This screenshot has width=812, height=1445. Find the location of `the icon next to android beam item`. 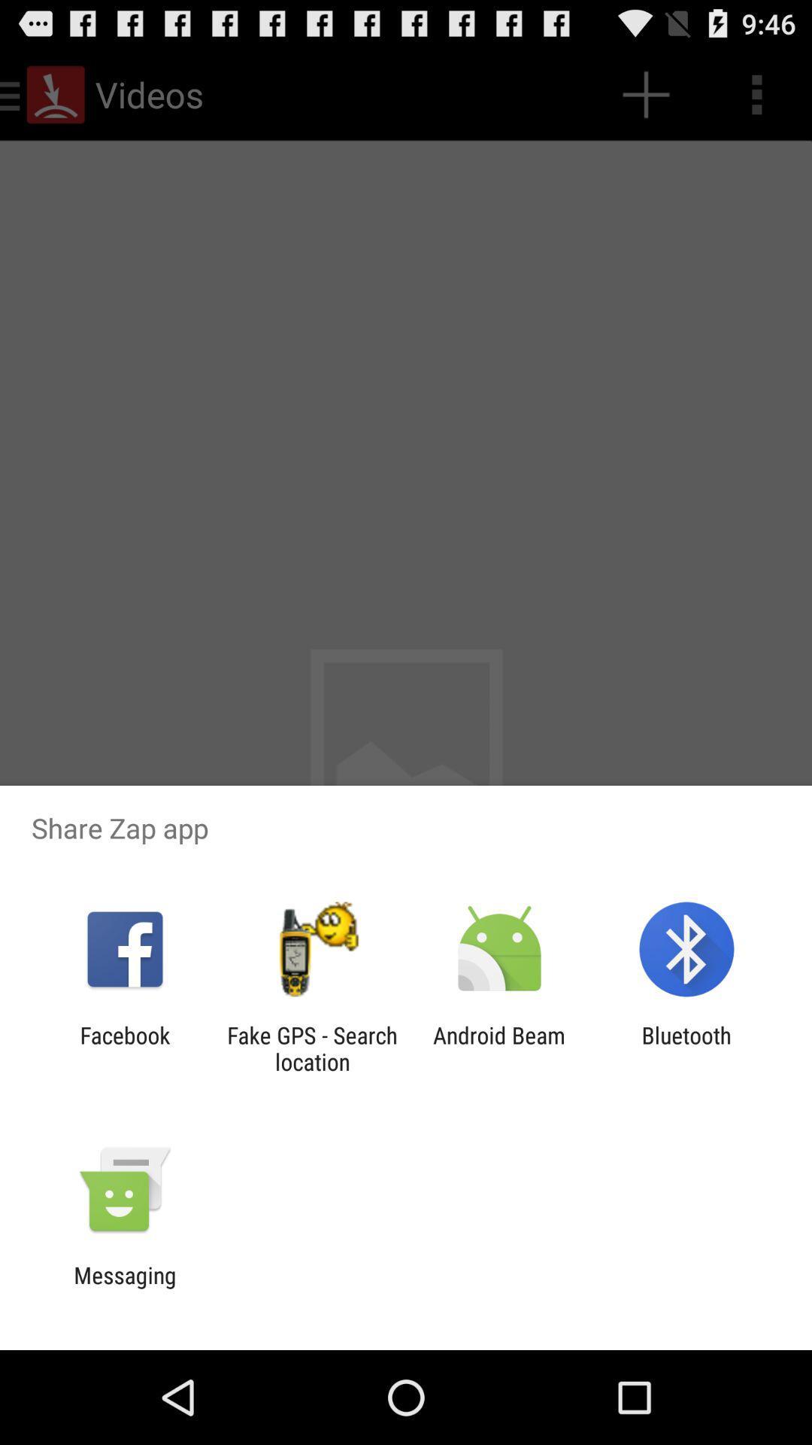

the icon next to android beam item is located at coordinates (686, 1048).